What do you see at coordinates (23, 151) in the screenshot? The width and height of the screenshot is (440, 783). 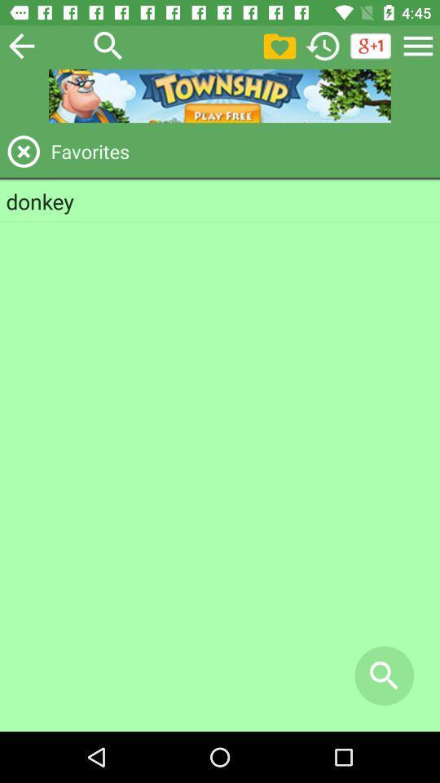 I see `favorites` at bounding box center [23, 151].